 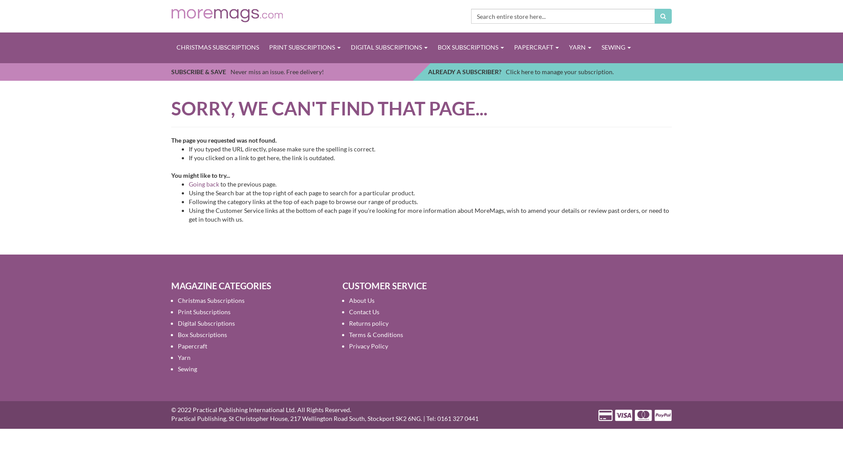 I want to click on 'Privacy Policy', so click(x=368, y=345).